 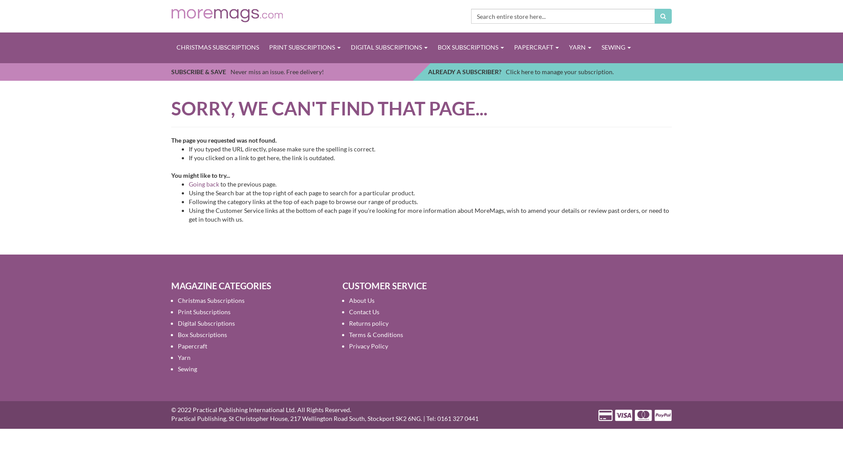 I want to click on 'Privacy Policy', so click(x=368, y=345).